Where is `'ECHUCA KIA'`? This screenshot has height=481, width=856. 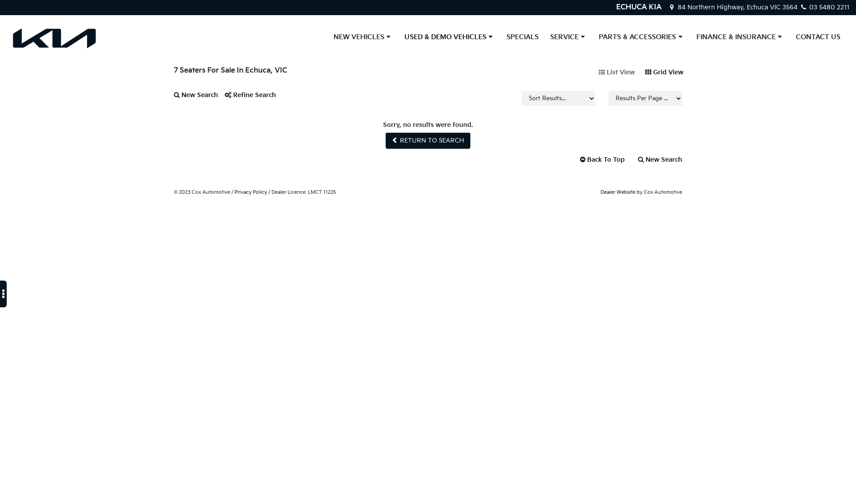 'ECHUCA KIA' is located at coordinates (638, 7).